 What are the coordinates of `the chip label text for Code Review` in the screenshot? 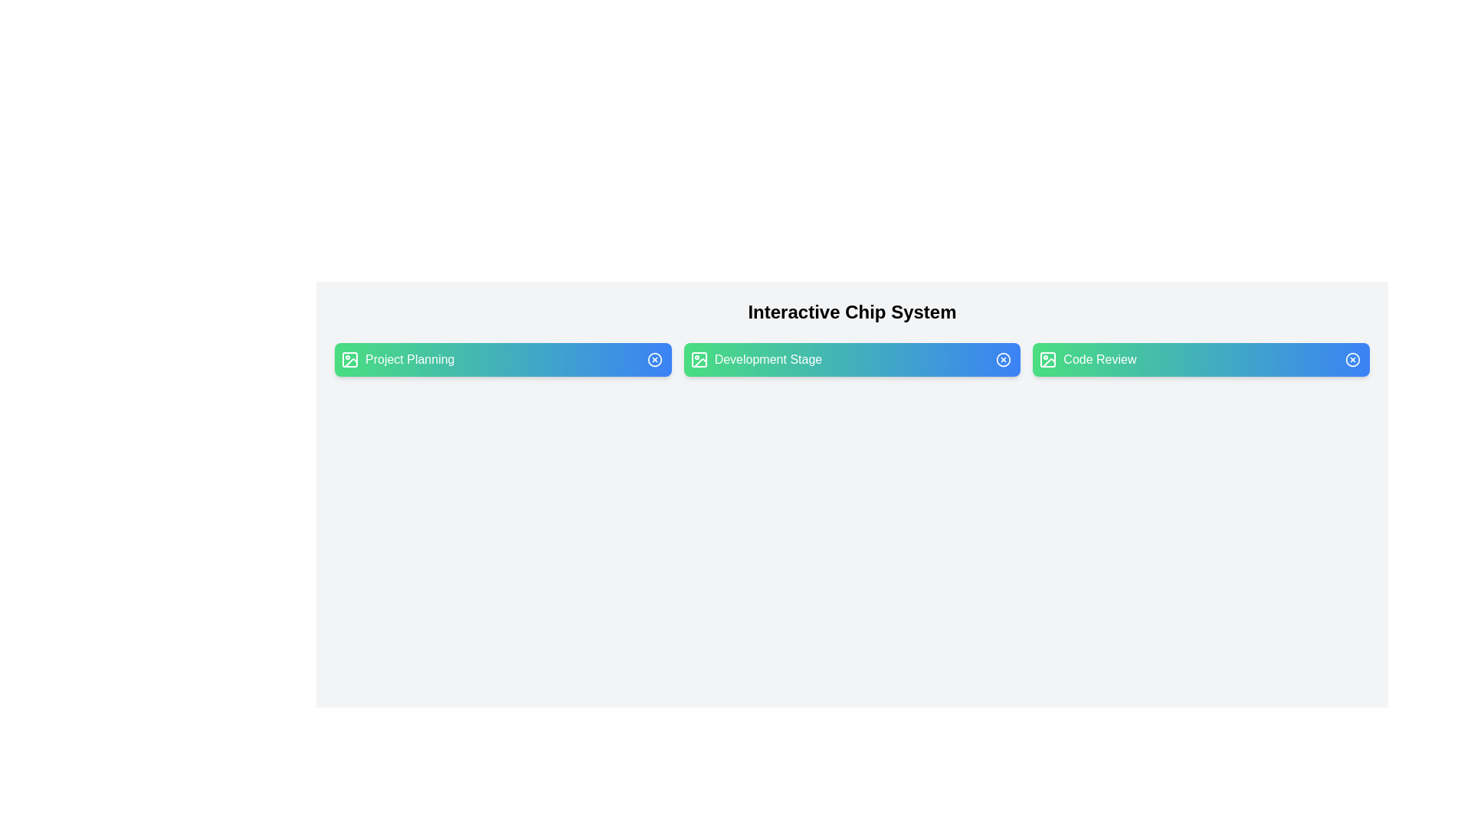 It's located at (1201, 360).